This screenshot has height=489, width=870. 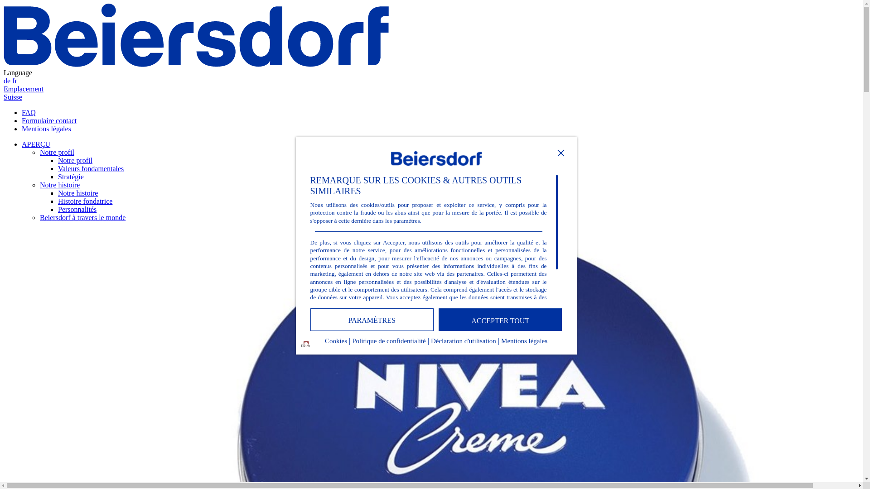 I want to click on 'Notre profil', so click(x=75, y=160).